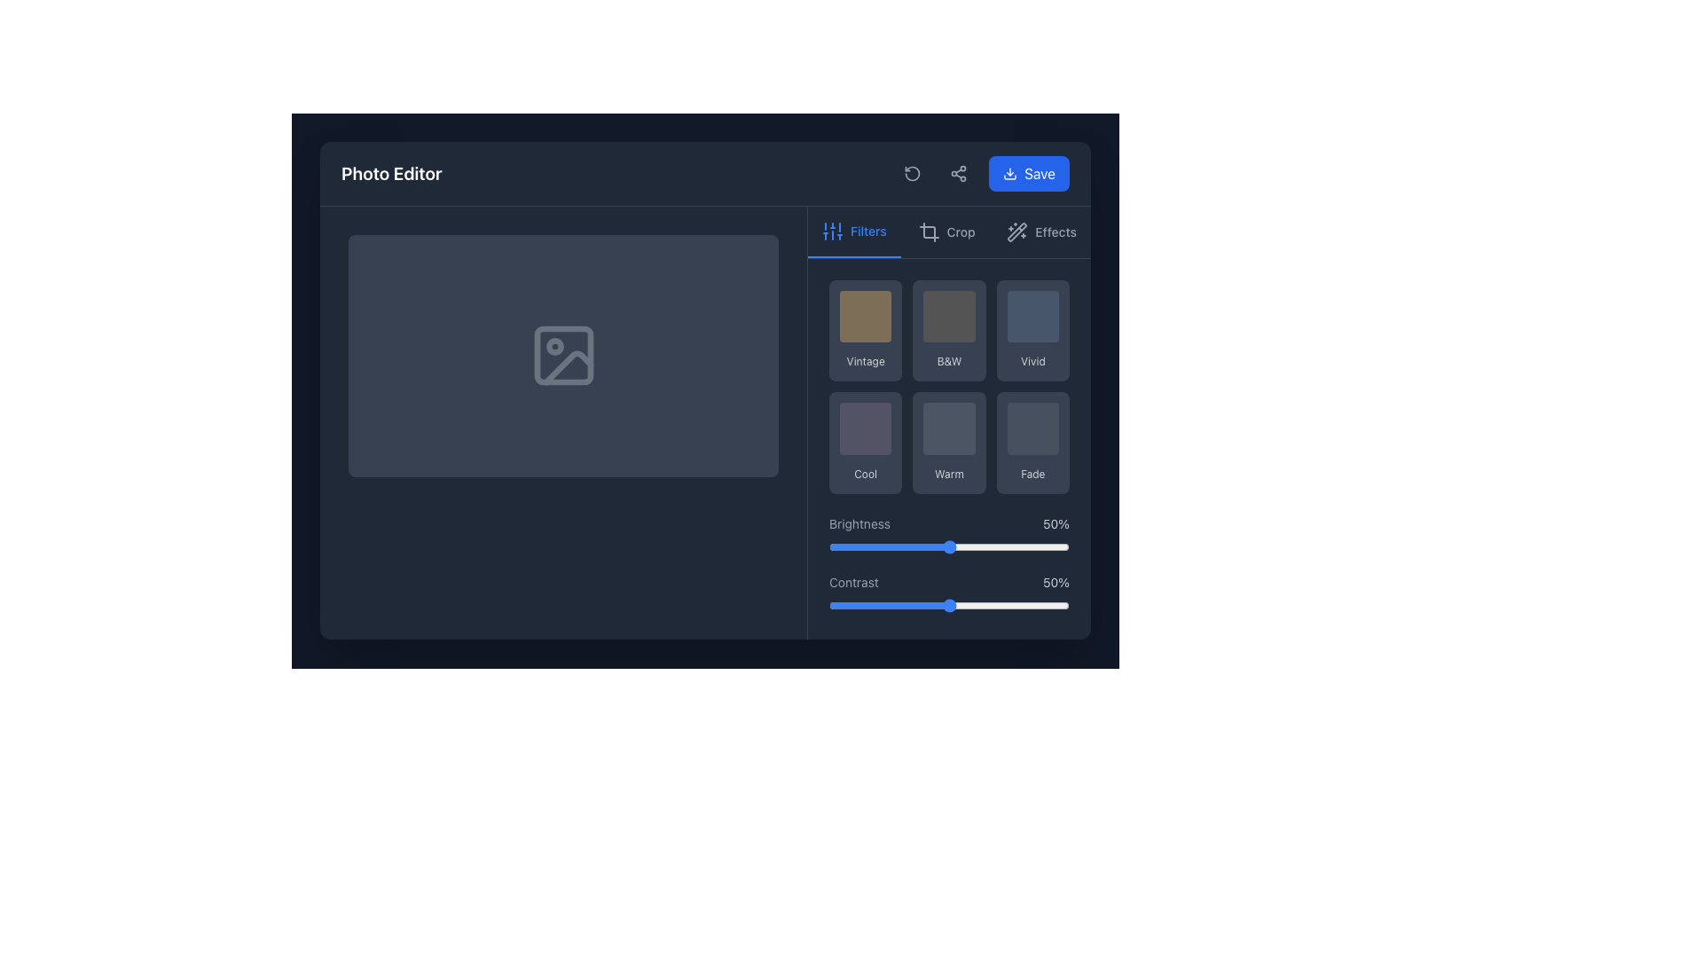 The width and height of the screenshot is (1703, 958). Describe the element at coordinates (866, 442) in the screenshot. I see `the 'Cool' button located in the Filters section to apply the visual filter to the image being edited` at that location.